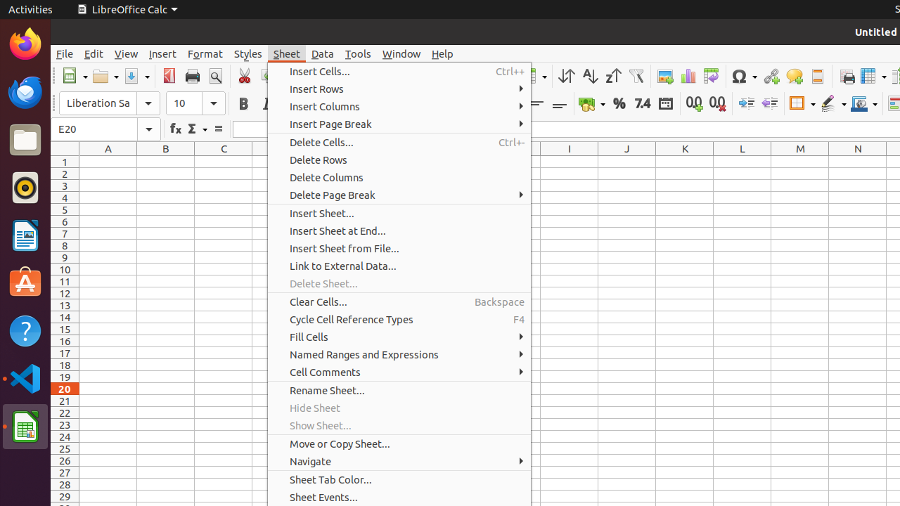 The image size is (900, 506). I want to click on 'B1', so click(166, 161).